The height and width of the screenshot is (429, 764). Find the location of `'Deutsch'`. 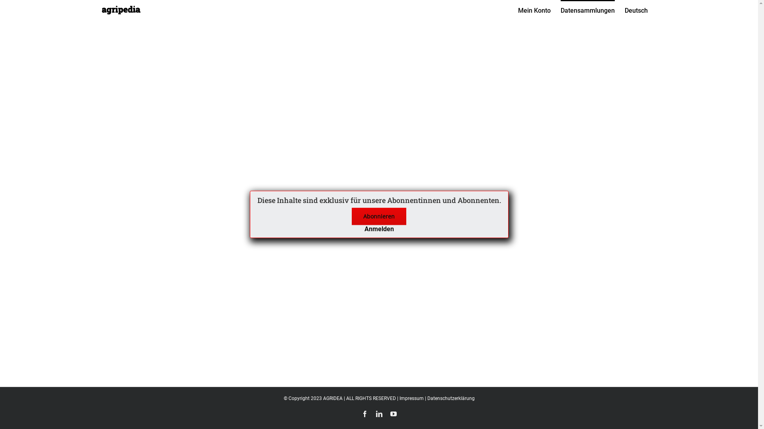

'Deutsch' is located at coordinates (635, 10).